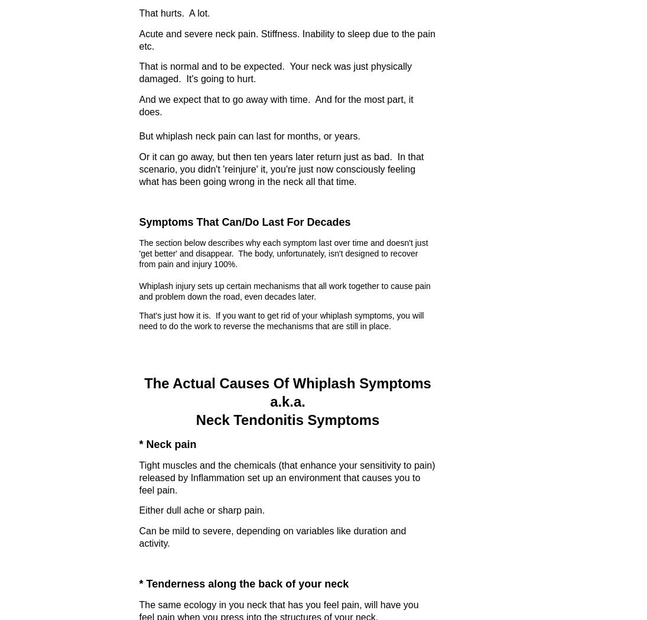 The width and height of the screenshot is (647, 620). What do you see at coordinates (138, 536) in the screenshot?
I see `'Can be mild to severe, depending on variables like duration and activity.'` at bounding box center [138, 536].